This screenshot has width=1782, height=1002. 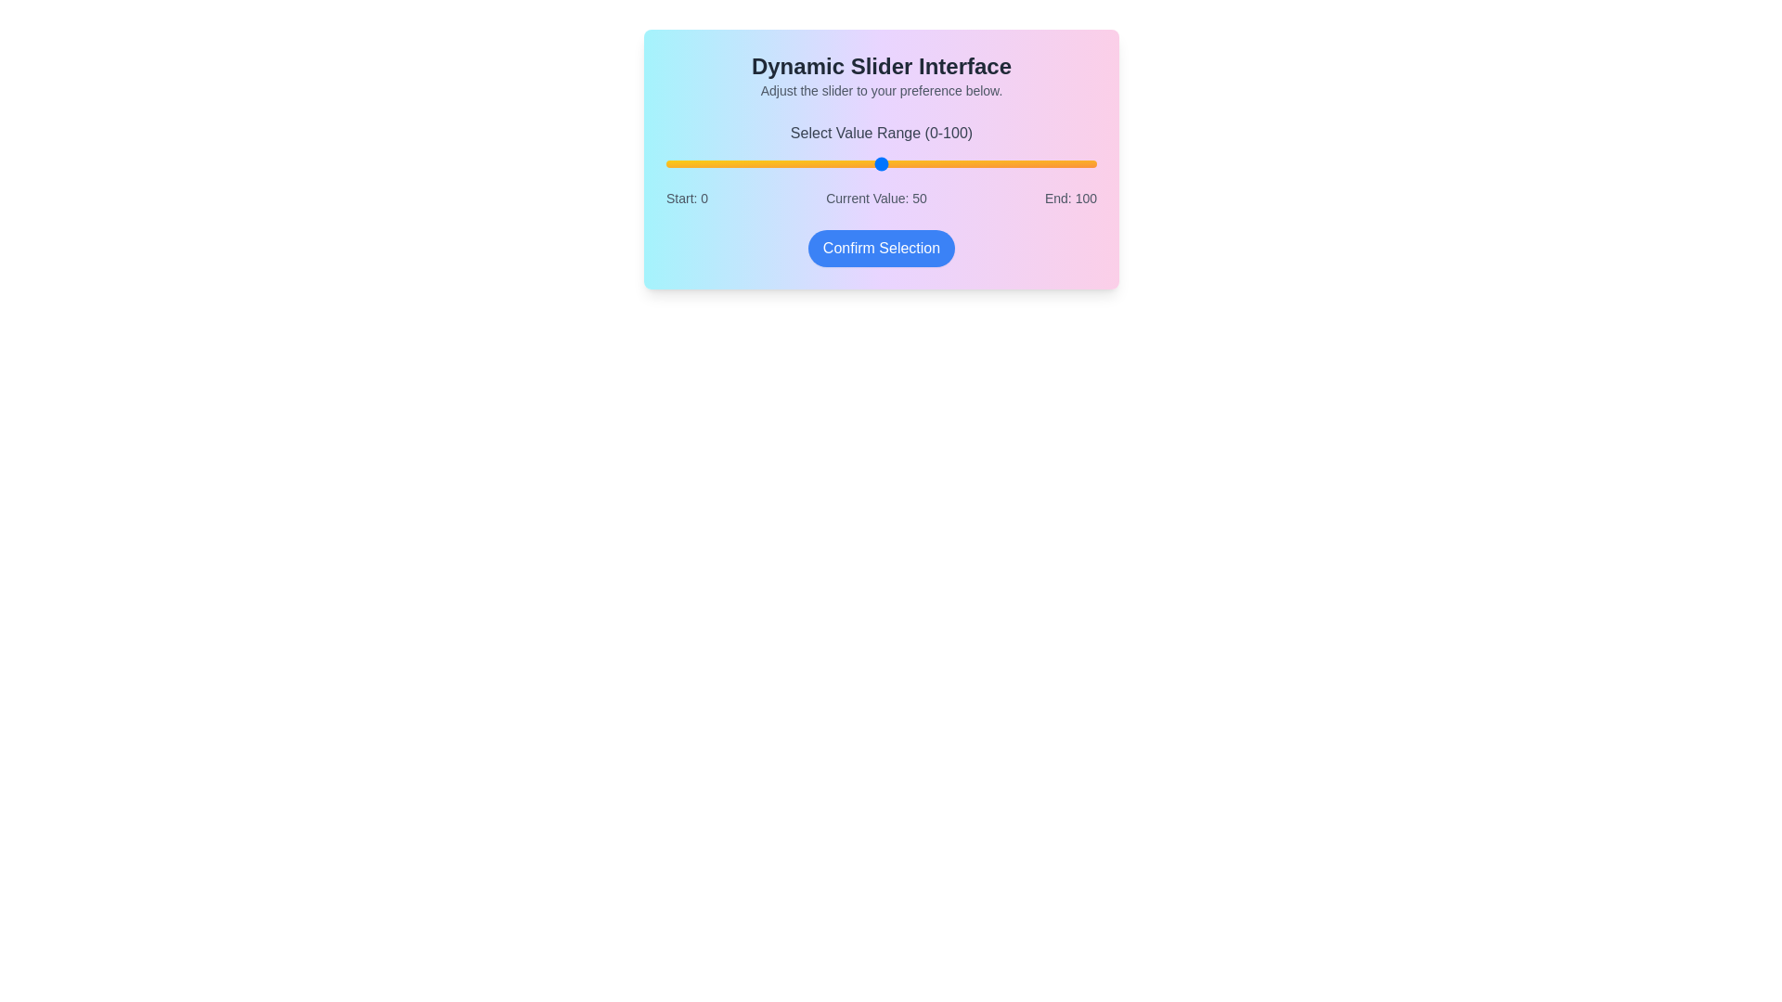 I want to click on the slider to set the value to 0, so click(x=666, y=163).